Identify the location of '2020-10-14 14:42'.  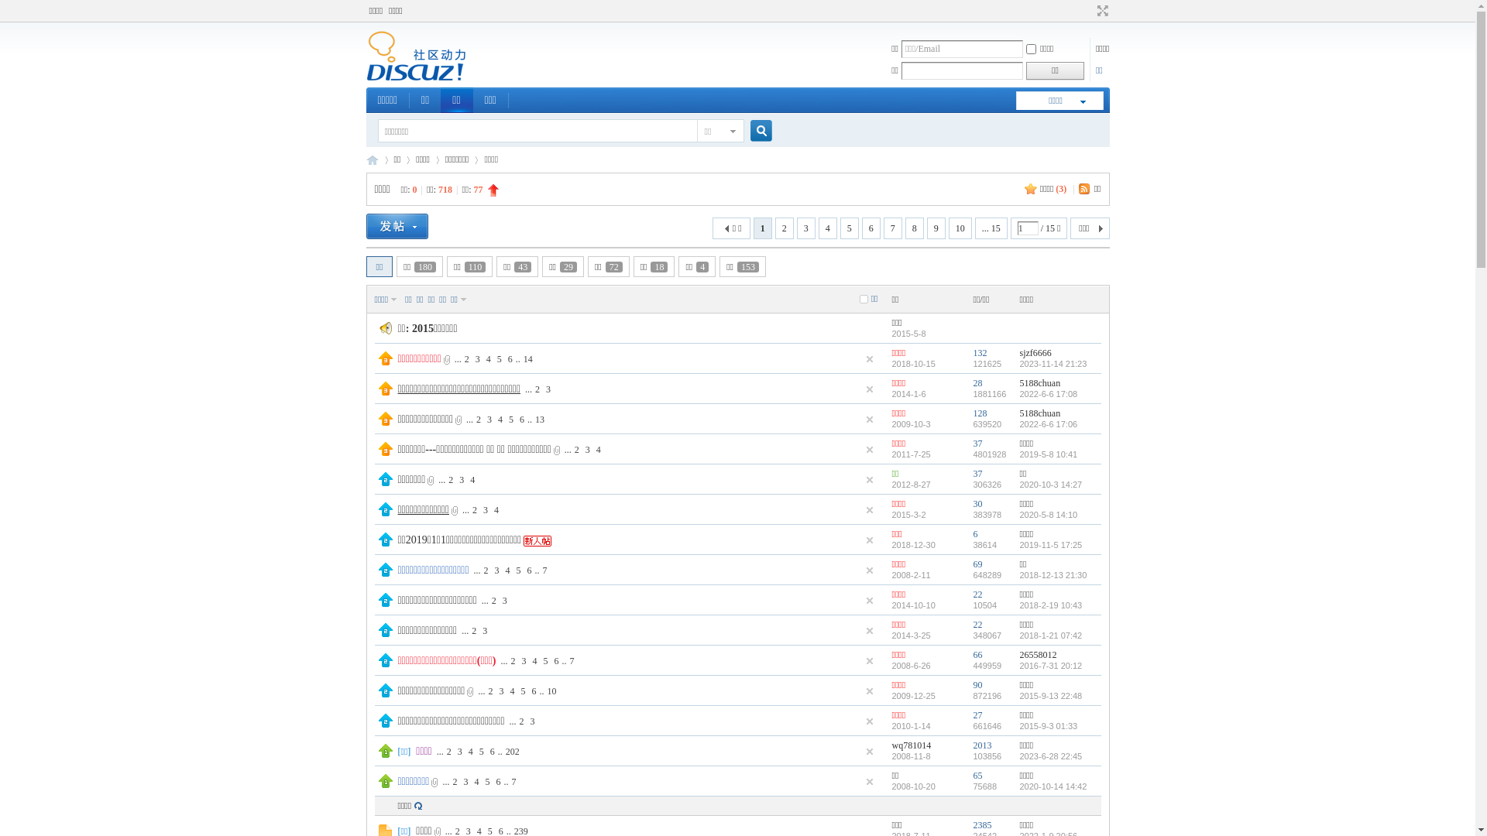
(1018, 786).